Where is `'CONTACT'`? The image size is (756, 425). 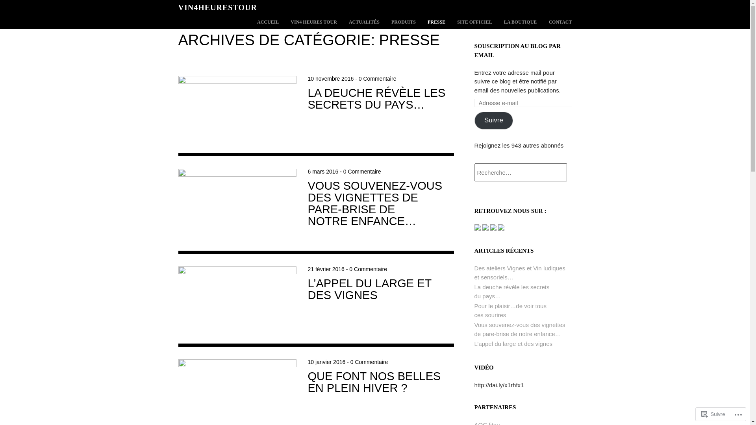 'CONTACT' is located at coordinates (560, 22).